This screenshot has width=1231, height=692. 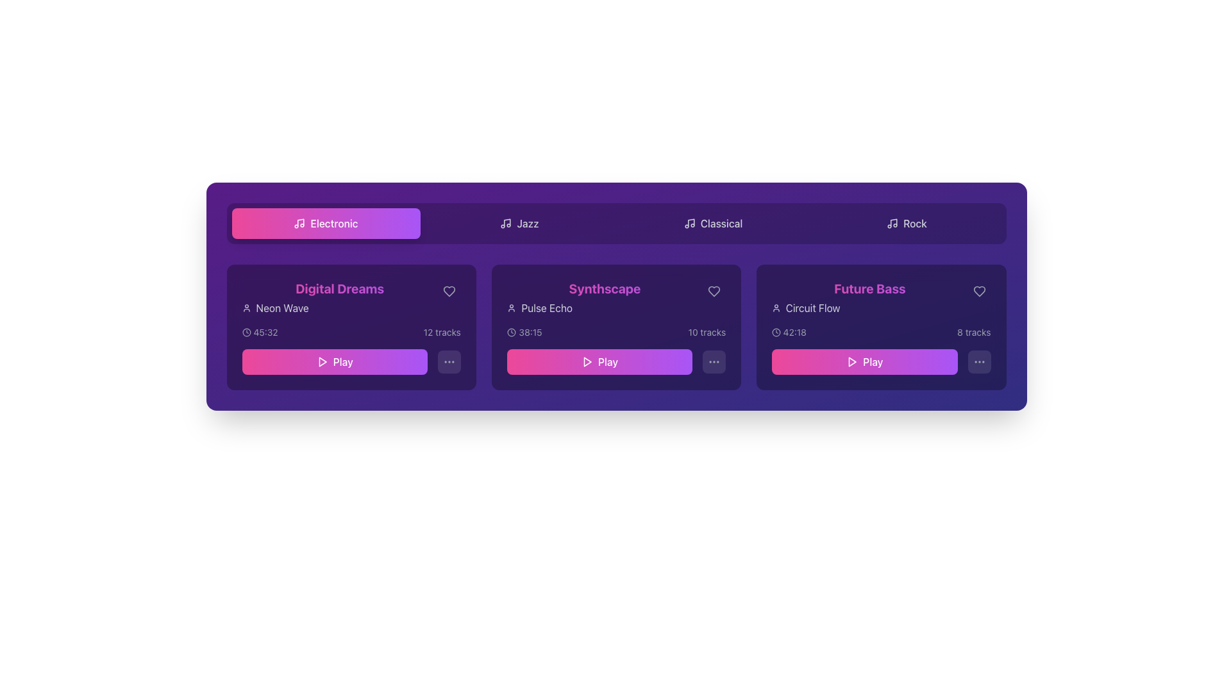 What do you see at coordinates (776, 332) in the screenshot?
I see `the small, circular clock icon that is part of the time-display feature in the 'Future Bass' section under the 'Circuit Flow' album card` at bounding box center [776, 332].